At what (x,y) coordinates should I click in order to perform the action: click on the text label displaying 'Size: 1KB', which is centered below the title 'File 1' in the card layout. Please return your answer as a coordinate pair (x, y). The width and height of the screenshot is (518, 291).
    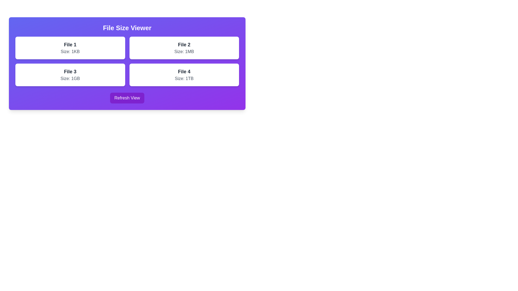
    Looking at the image, I should click on (70, 52).